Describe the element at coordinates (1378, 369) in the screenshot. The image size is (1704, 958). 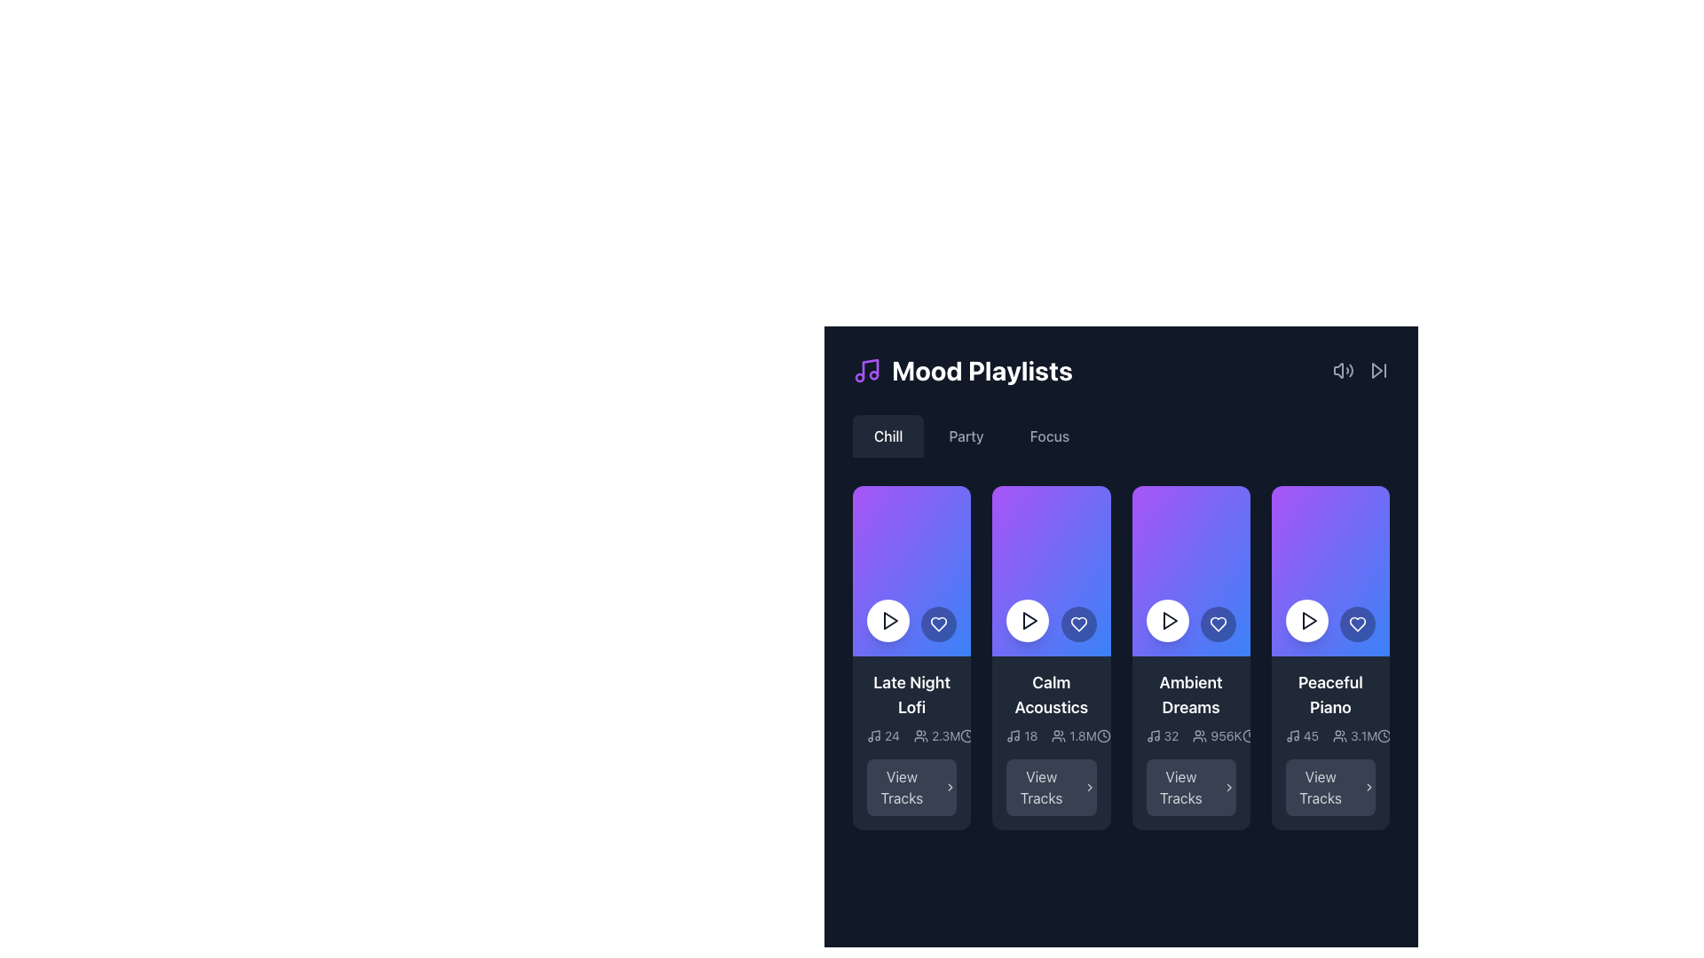
I see `the skip-forward icon button located in the top-right corner of the interface` at that location.